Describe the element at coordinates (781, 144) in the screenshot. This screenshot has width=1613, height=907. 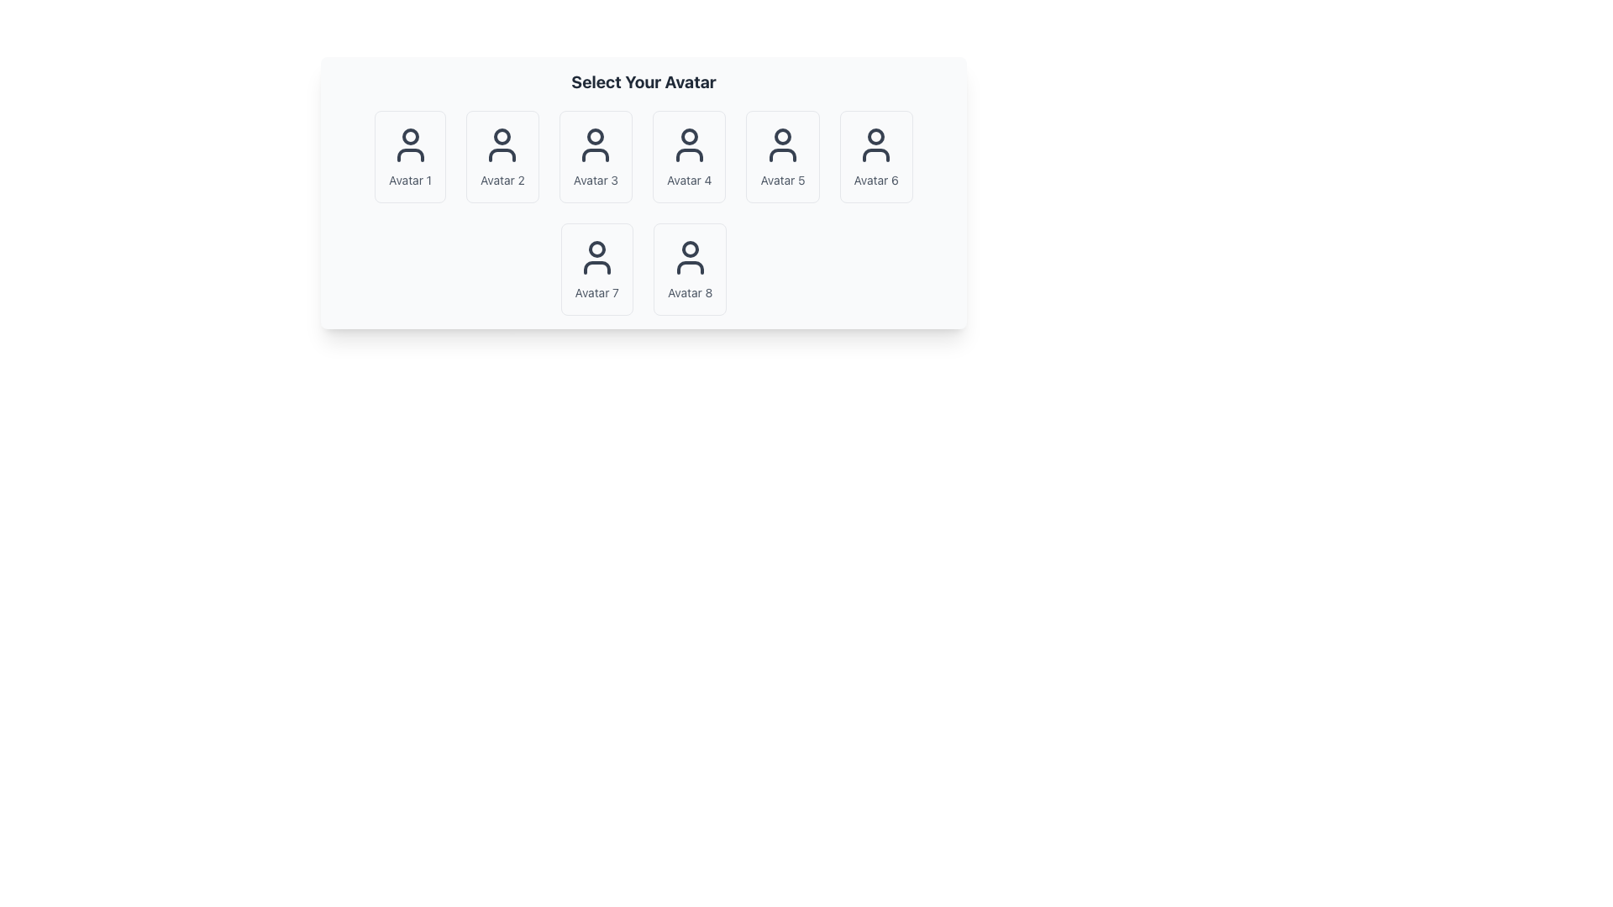
I see `the fifth avatar icon labeled 'Avatar 5'` at that location.